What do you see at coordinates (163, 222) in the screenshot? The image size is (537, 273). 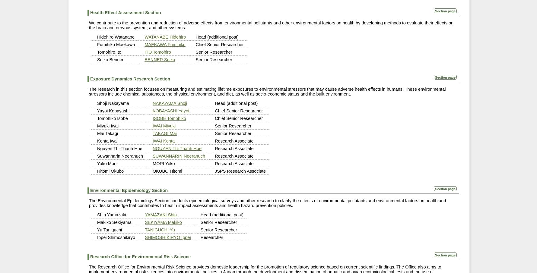 I see `'SEKIYAMA Makiko'` at bounding box center [163, 222].